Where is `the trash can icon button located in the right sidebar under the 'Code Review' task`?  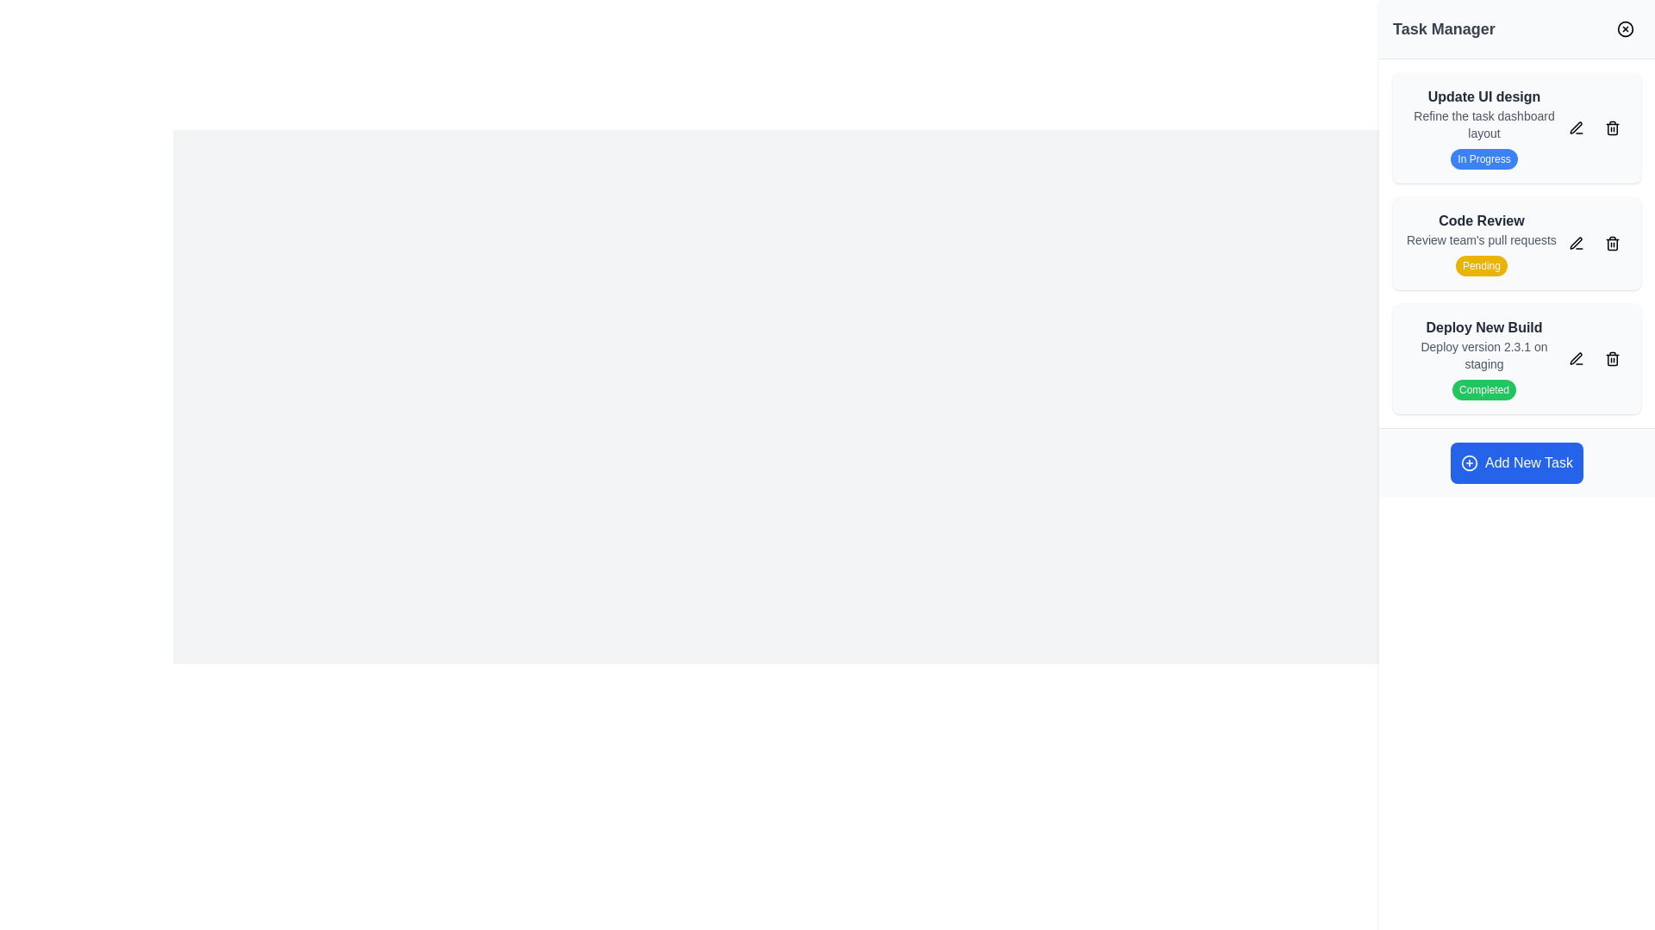 the trash can icon button located in the right sidebar under the 'Code Review' task is located at coordinates (1612, 243).